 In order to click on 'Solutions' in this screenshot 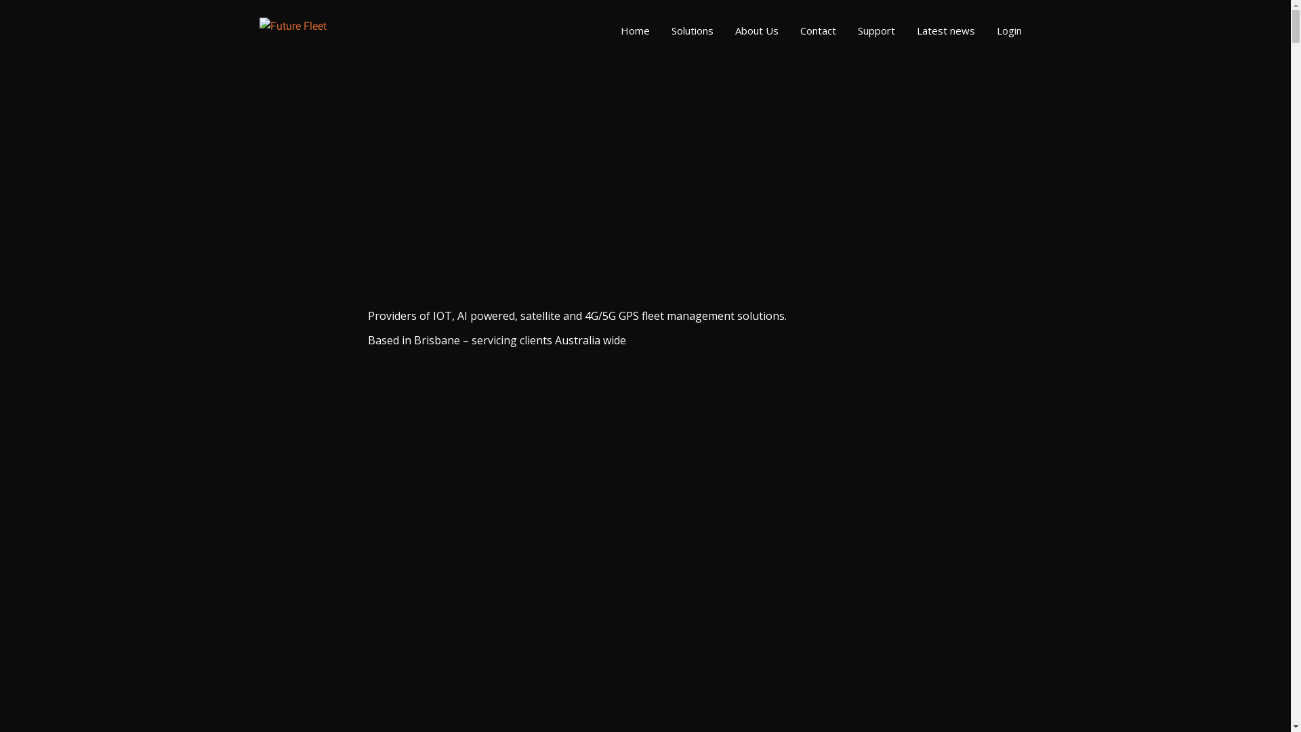, I will do `click(692, 30)`.